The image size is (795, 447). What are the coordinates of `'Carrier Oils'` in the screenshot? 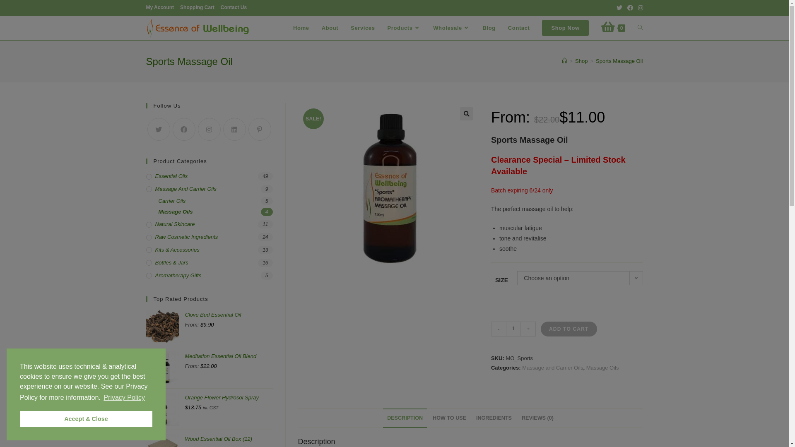 It's located at (215, 201).